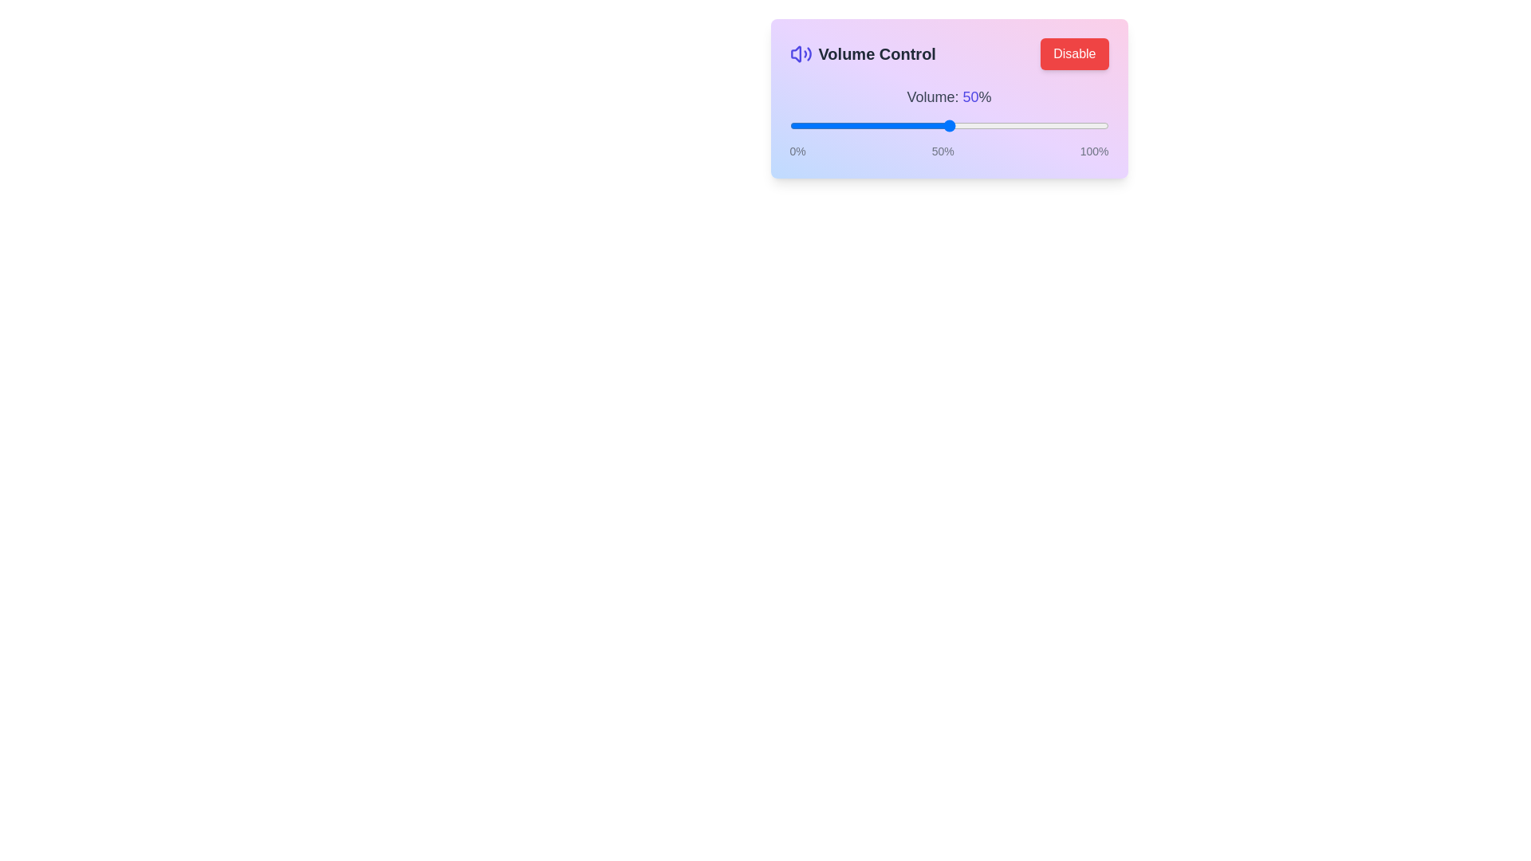 This screenshot has width=1531, height=861. I want to click on the leftmost text label representing the minimum volume level ('0%') in the volume control interface, so click(797, 151).